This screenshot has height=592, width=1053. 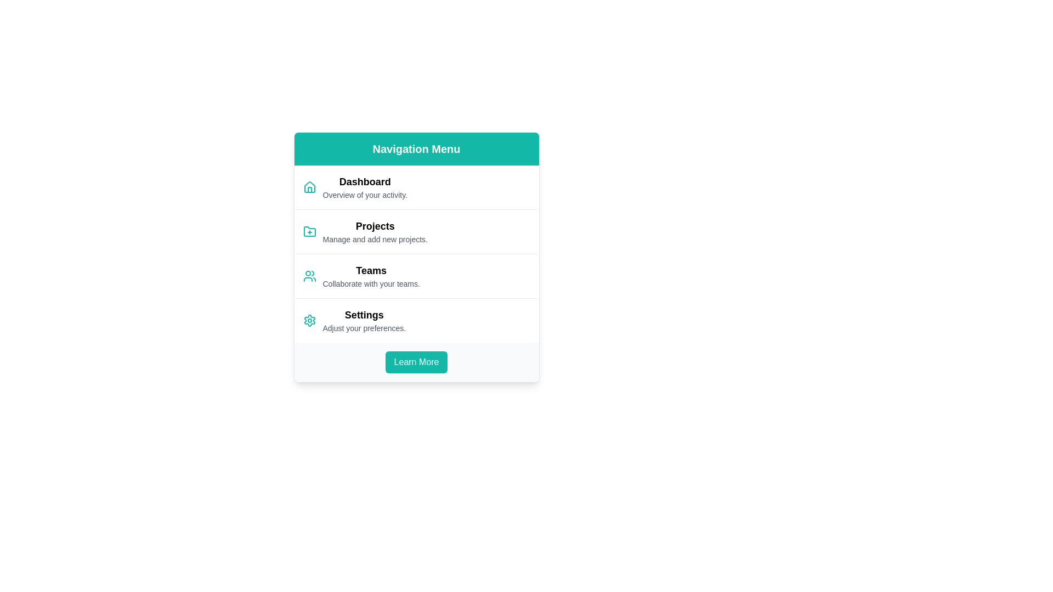 What do you see at coordinates (309, 189) in the screenshot?
I see `the bottom element of the house icon in the SVG graphic, which represents the 'Dashboard' menu item` at bounding box center [309, 189].